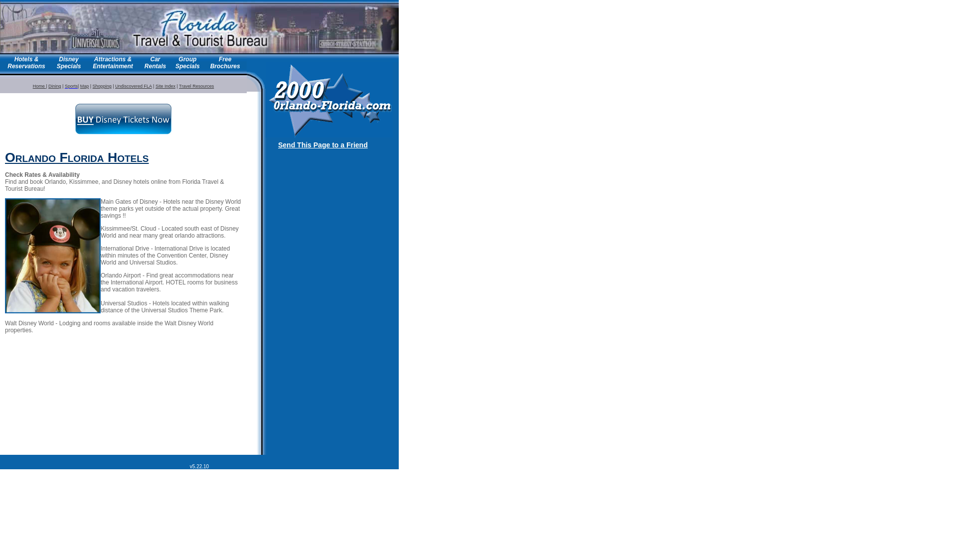 The image size is (957, 538). Describe the element at coordinates (323, 144) in the screenshot. I see `'Send This Page to a Friend'` at that location.